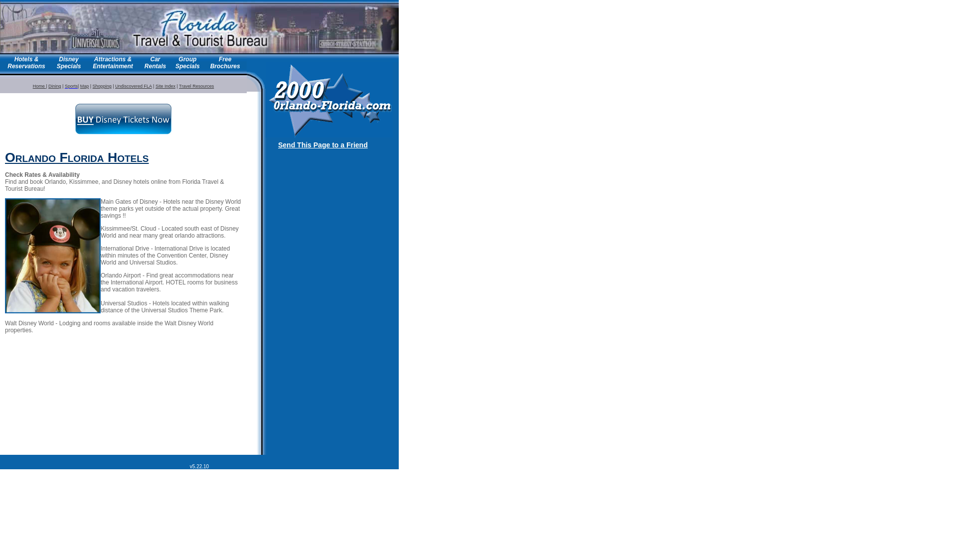 The image size is (957, 538). Describe the element at coordinates (323, 144) in the screenshot. I see `'Send This Page to a Friend'` at that location.